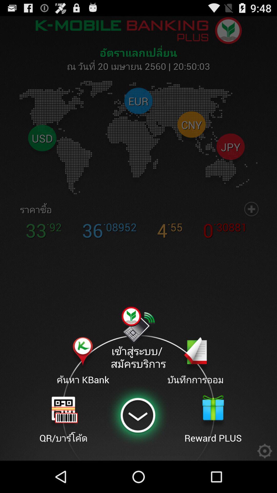 This screenshot has width=277, height=493. Describe the element at coordinates (251, 224) in the screenshot. I see `the add icon` at that location.